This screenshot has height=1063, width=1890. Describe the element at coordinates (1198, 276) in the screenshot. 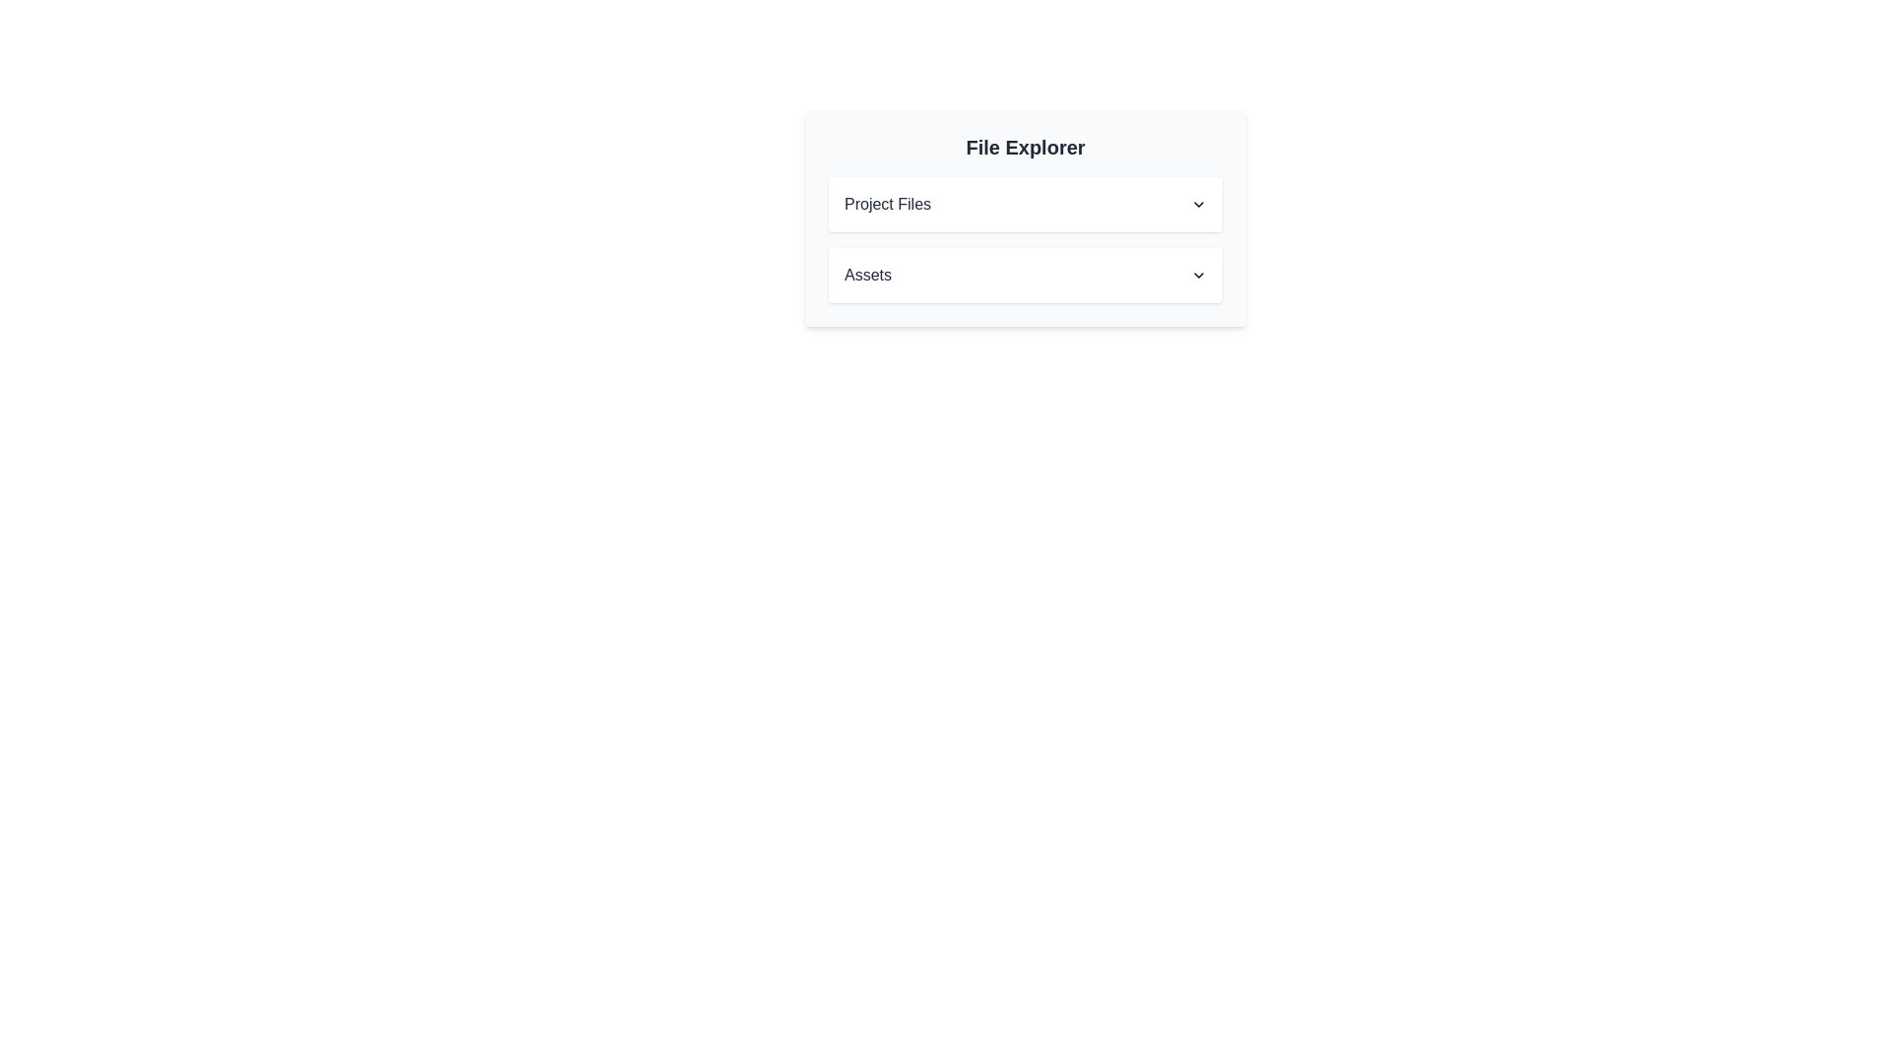

I see `the chevron-down icon button located to the right of the 'Assets' label` at that location.